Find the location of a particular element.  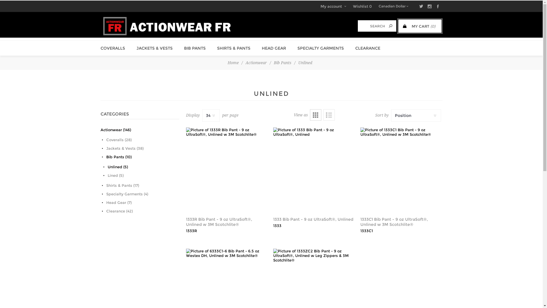

'BIB PANTS' is located at coordinates (195, 48).